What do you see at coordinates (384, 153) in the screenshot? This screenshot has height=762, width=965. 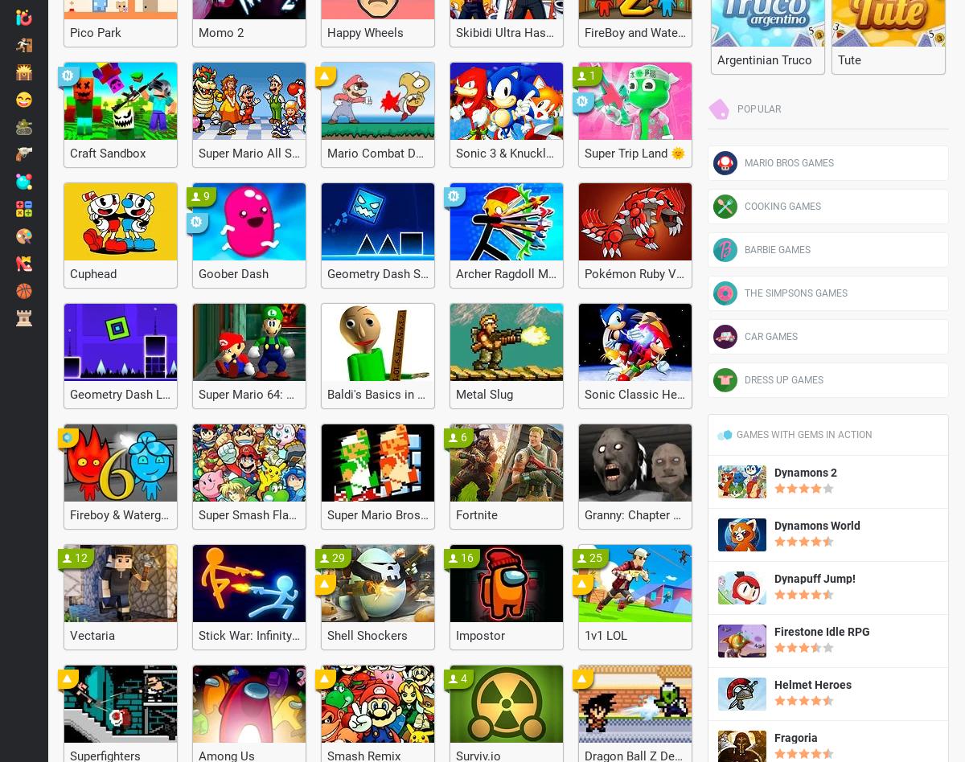 I see `'Mario Combat Deluxe'` at bounding box center [384, 153].